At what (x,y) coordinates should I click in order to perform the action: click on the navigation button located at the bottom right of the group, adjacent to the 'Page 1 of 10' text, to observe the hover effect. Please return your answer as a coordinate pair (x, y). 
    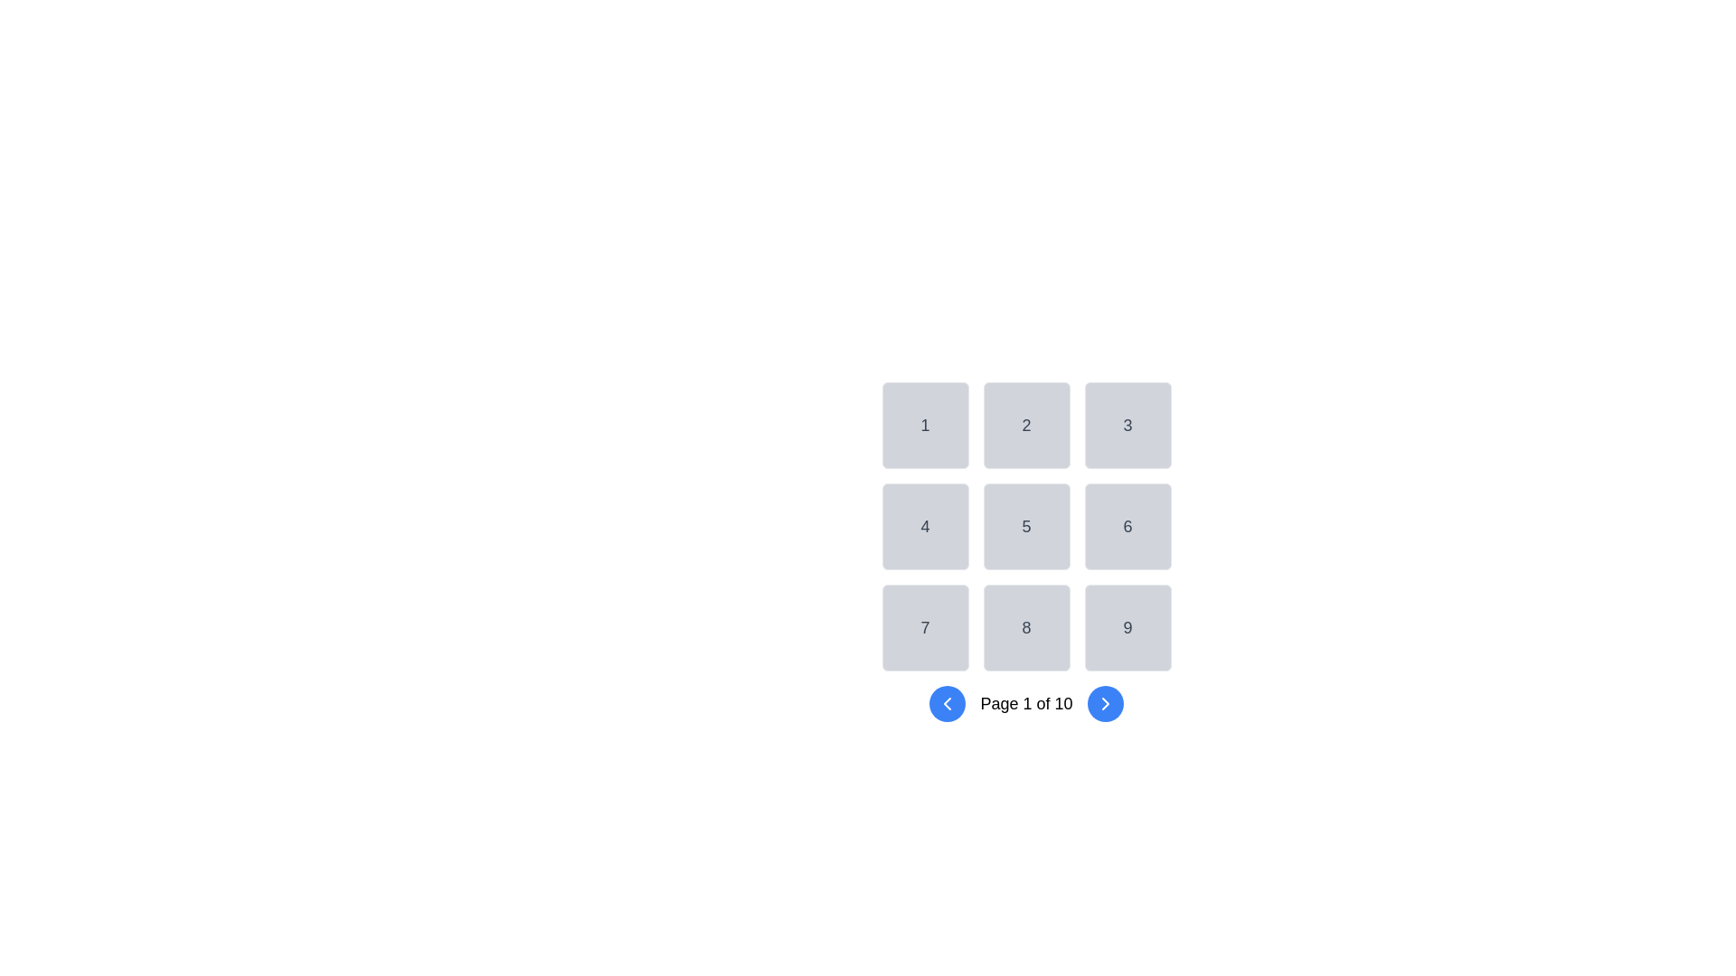
    Looking at the image, I should click on (1104, 703).